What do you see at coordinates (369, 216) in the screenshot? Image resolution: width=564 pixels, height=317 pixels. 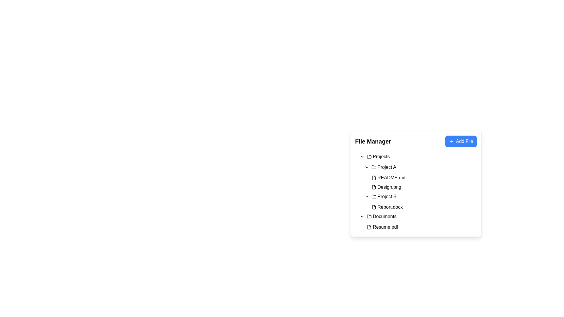 I see `the folder icon located to the left of the text 'Documents' in the file manager layout` at bounding box center [369, 216].